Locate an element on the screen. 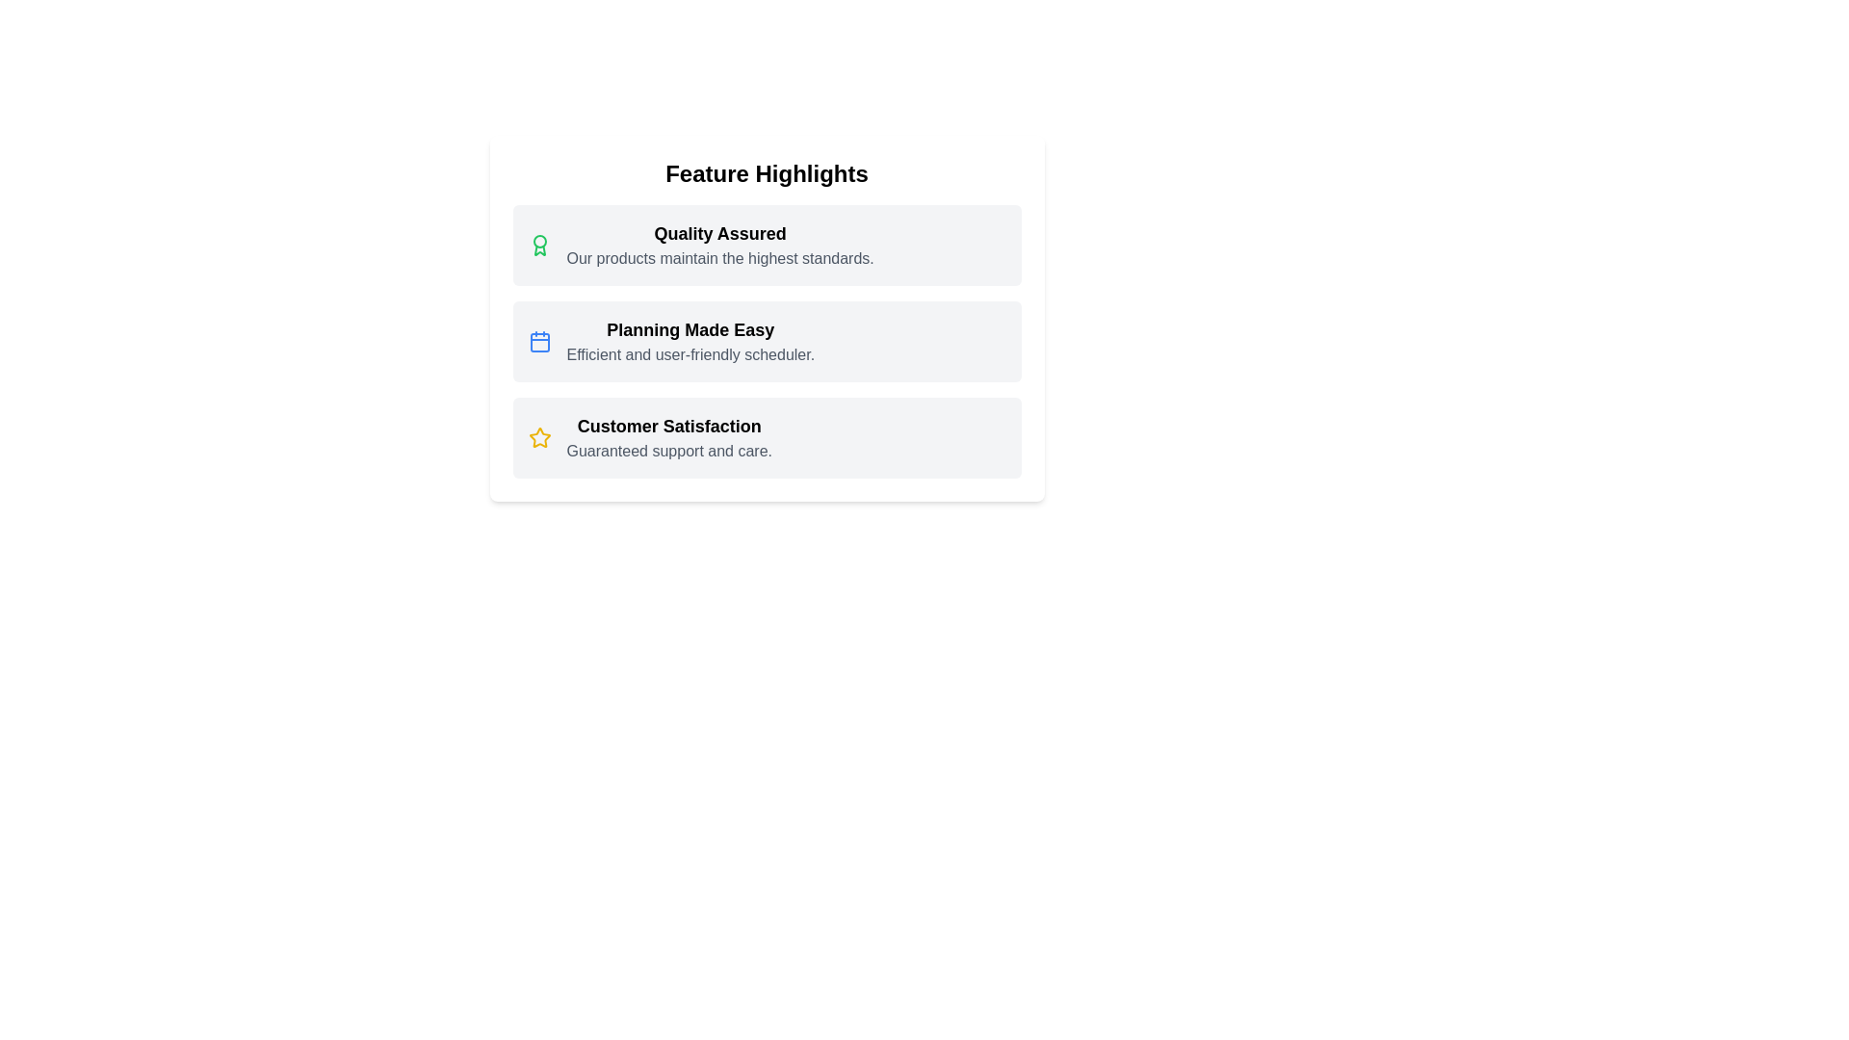 This screenshot has height=1040, width=1849. the SVG rectangle with rounded edges that represents the calendar icon, which is the second item in the list of feature highlights, located to the left of the text 'Planning Made Easy' is located at coordinates (539, 341).